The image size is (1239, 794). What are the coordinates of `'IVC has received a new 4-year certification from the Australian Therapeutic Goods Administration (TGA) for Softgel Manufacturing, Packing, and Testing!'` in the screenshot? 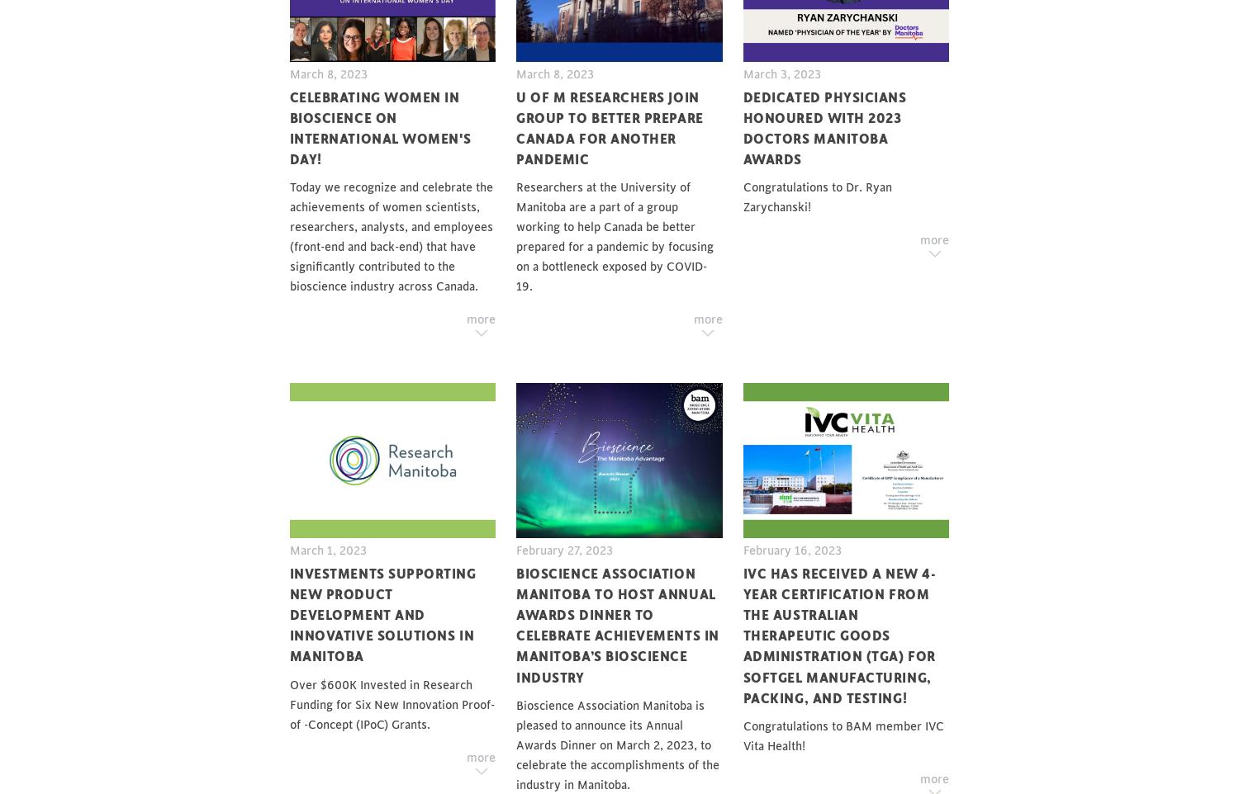 It's located at (838, 635).